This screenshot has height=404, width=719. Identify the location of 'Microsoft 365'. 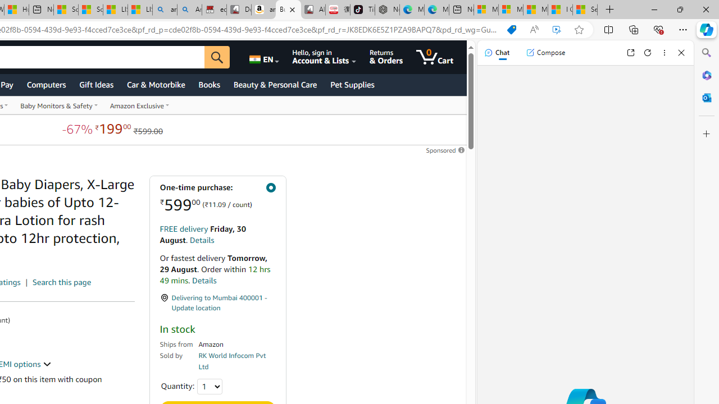
(706, 75).